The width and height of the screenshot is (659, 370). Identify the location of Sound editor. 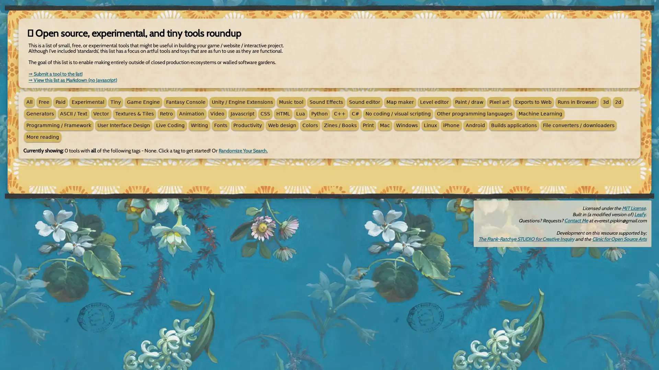
(364, 102).